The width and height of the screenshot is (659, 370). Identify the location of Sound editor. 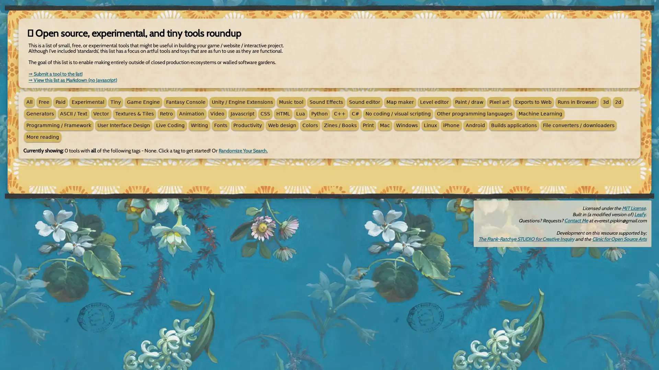
(364, 102).